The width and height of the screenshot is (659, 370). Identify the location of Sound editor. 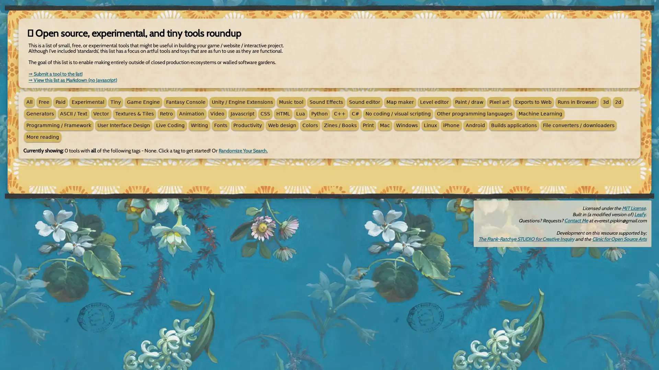
(364, 102).